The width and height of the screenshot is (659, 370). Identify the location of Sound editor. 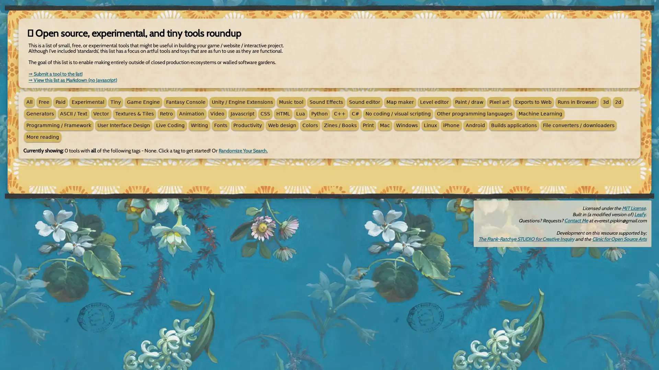
(364, 102).